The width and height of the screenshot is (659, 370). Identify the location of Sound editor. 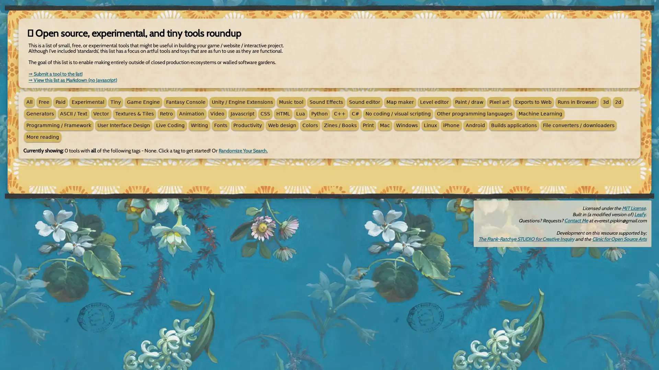
(364, 102).